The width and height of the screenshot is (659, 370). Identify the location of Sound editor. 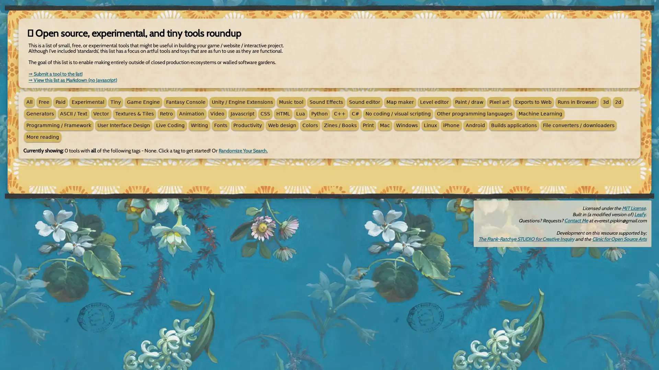
(364, 102).